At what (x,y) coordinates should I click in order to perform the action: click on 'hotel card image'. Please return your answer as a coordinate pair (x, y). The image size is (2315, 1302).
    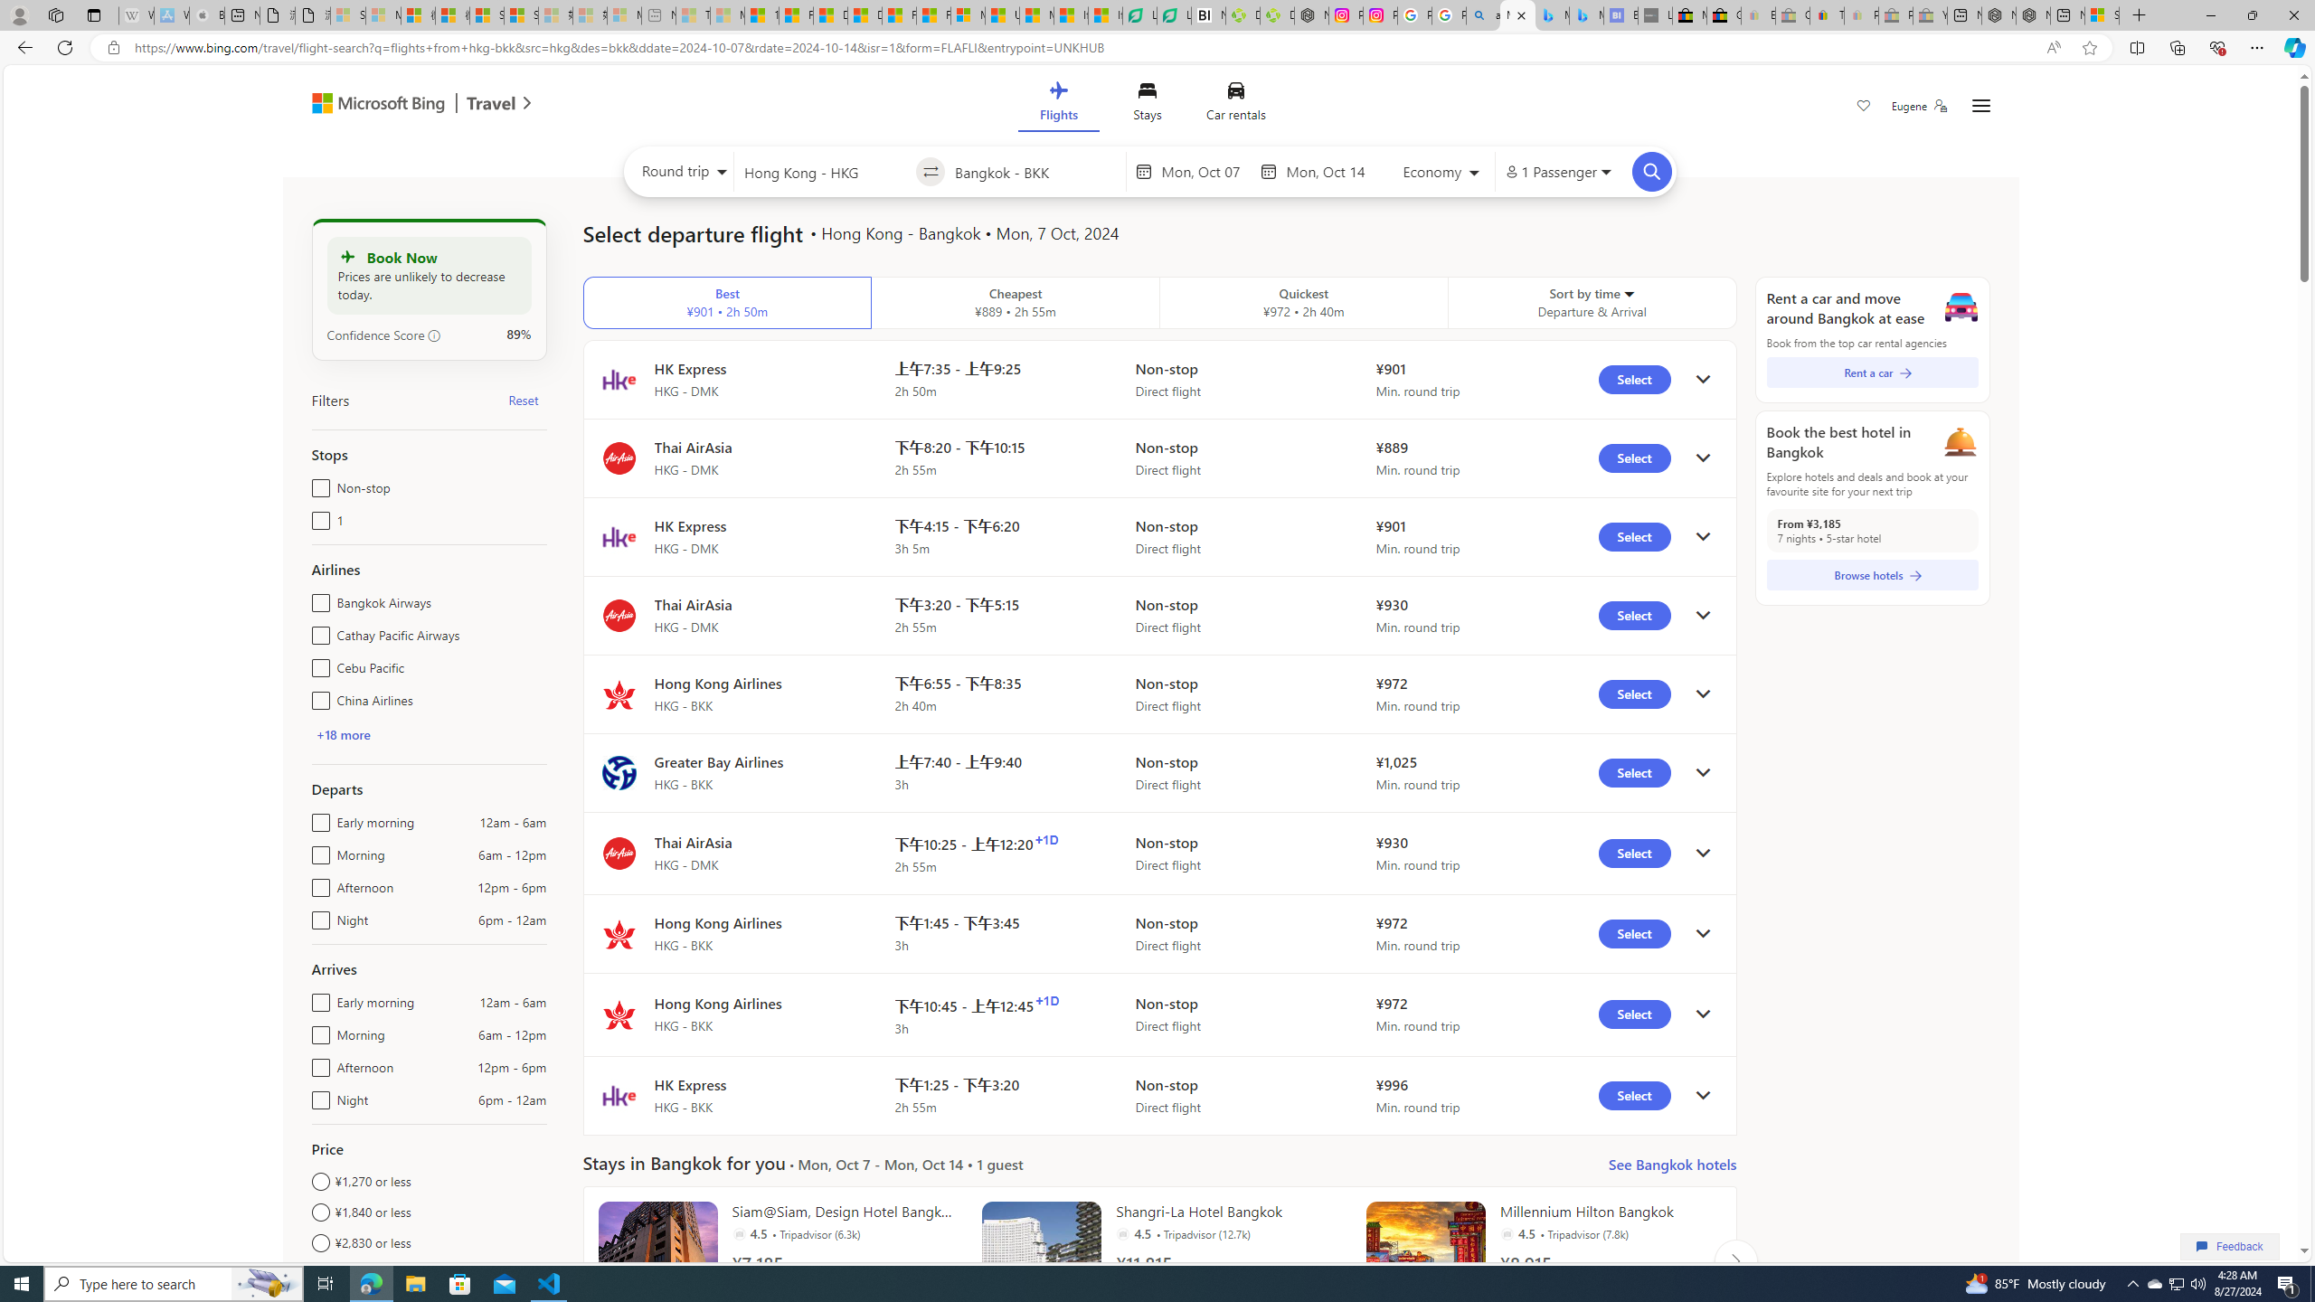
    Looking at the image, I should click on (1424, 1260).